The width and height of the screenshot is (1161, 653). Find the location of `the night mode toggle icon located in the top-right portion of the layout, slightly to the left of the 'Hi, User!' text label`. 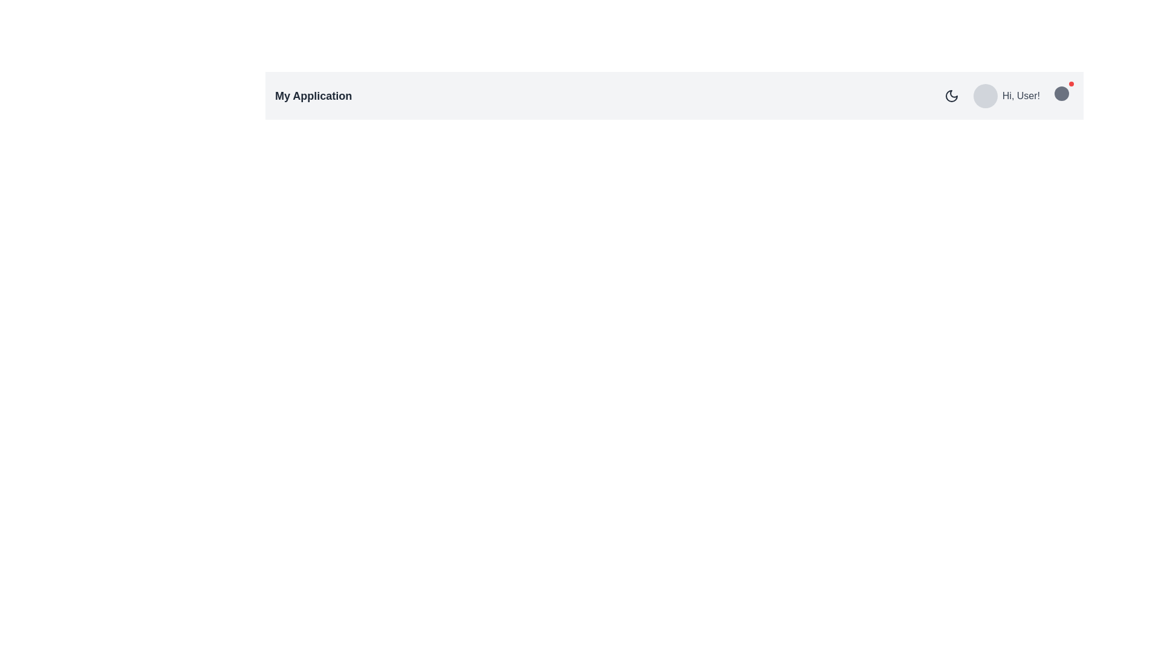

the night mode toggle icon located in the top-right portion of the layout, slightly to the left of the 'Hi, User!' text label is located at coordinates (951, 95).